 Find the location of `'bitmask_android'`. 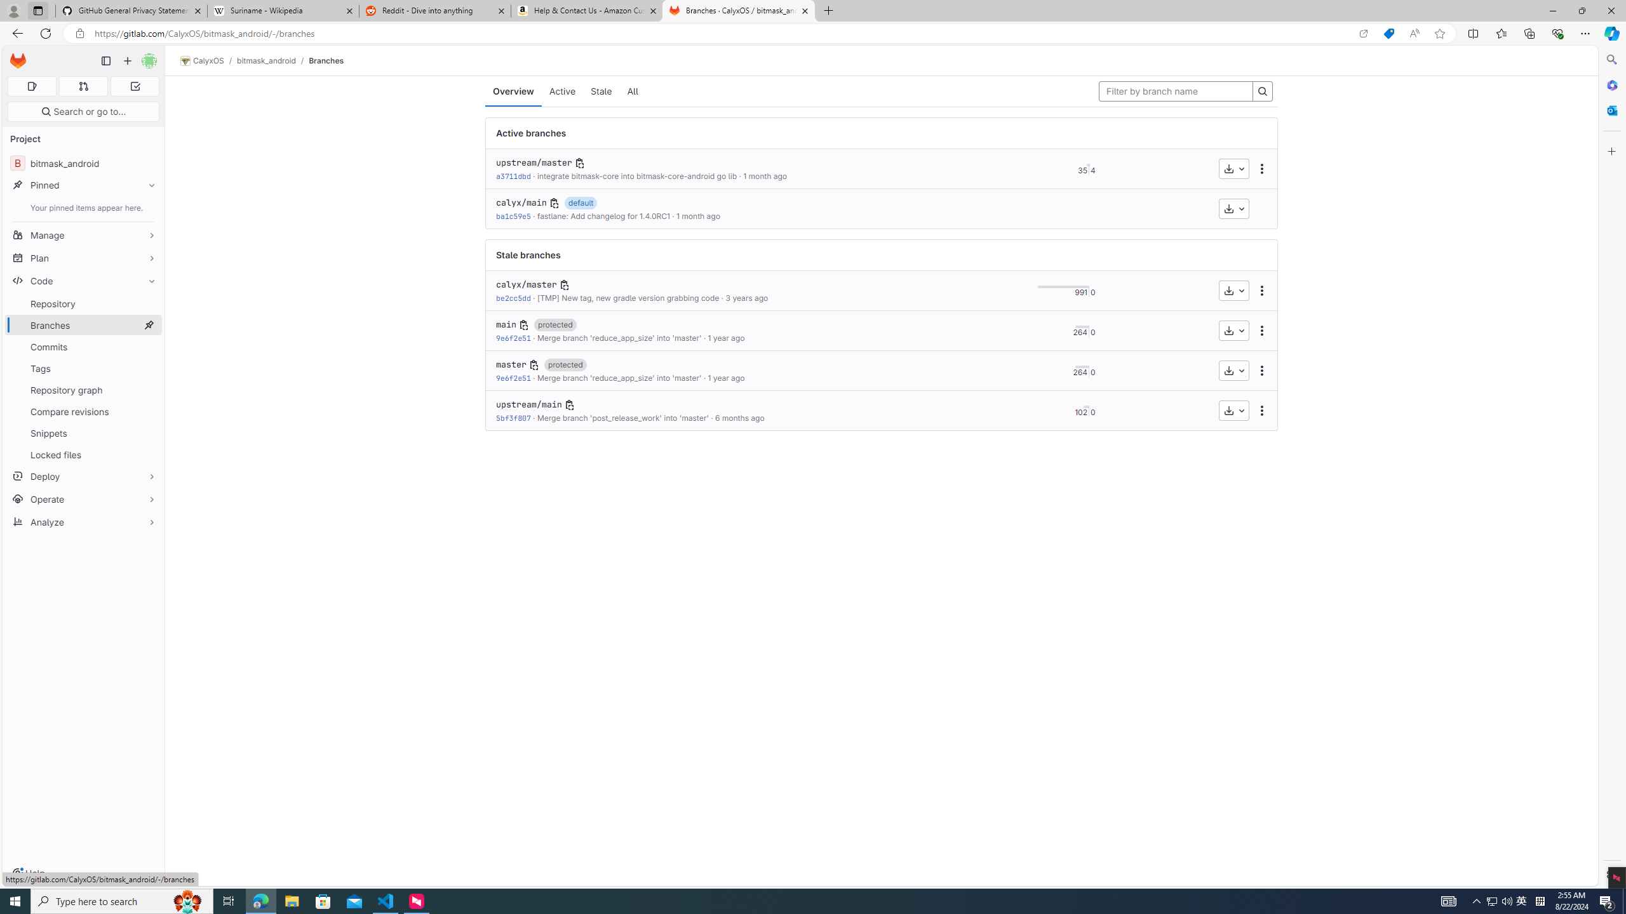

'bitmask_android' is located at coordinates (266, 60).